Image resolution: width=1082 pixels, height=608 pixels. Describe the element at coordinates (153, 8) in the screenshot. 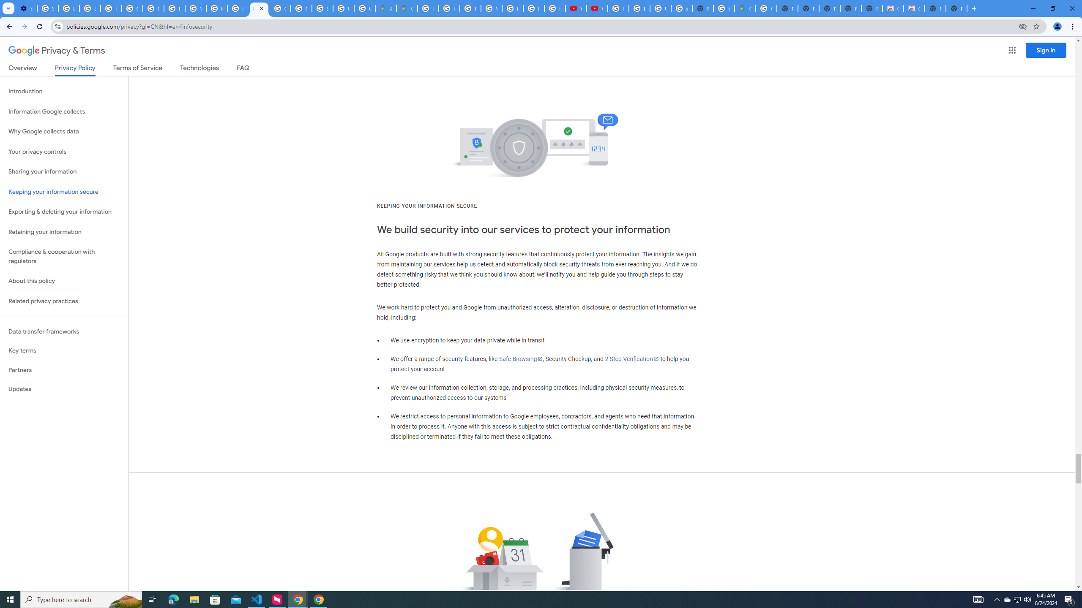

I see `'Google Account Help'` at that location.